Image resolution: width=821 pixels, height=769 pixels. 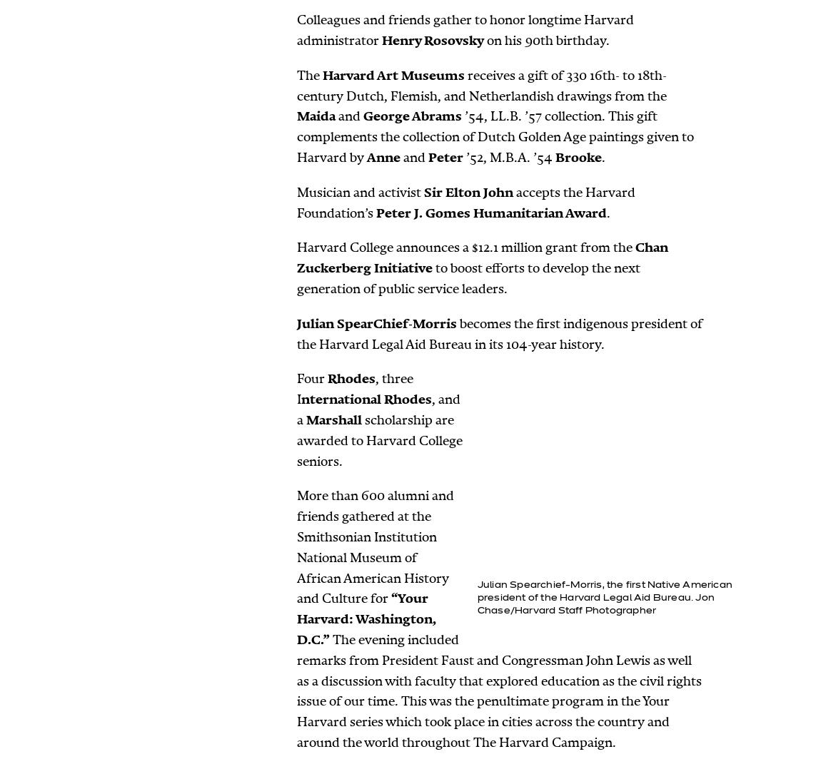 What do you see at coordinates (360, 190) in the screenshot?
I see `'Musician and activist'` at bounding box center [360, 190].